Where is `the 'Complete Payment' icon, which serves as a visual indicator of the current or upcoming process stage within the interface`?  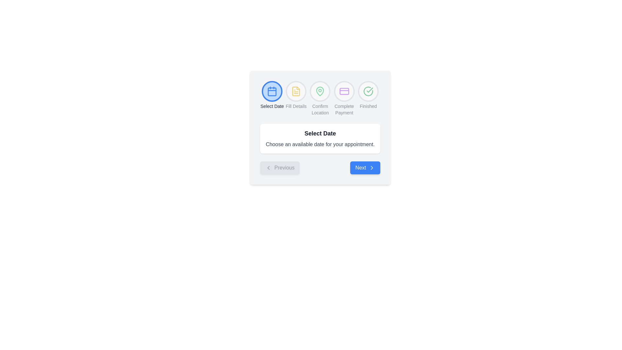
the 'Complete Payment' icon, which serves as a visual indicator of the current or upcoming process stage within the interface is located at coordinates (344, 91).